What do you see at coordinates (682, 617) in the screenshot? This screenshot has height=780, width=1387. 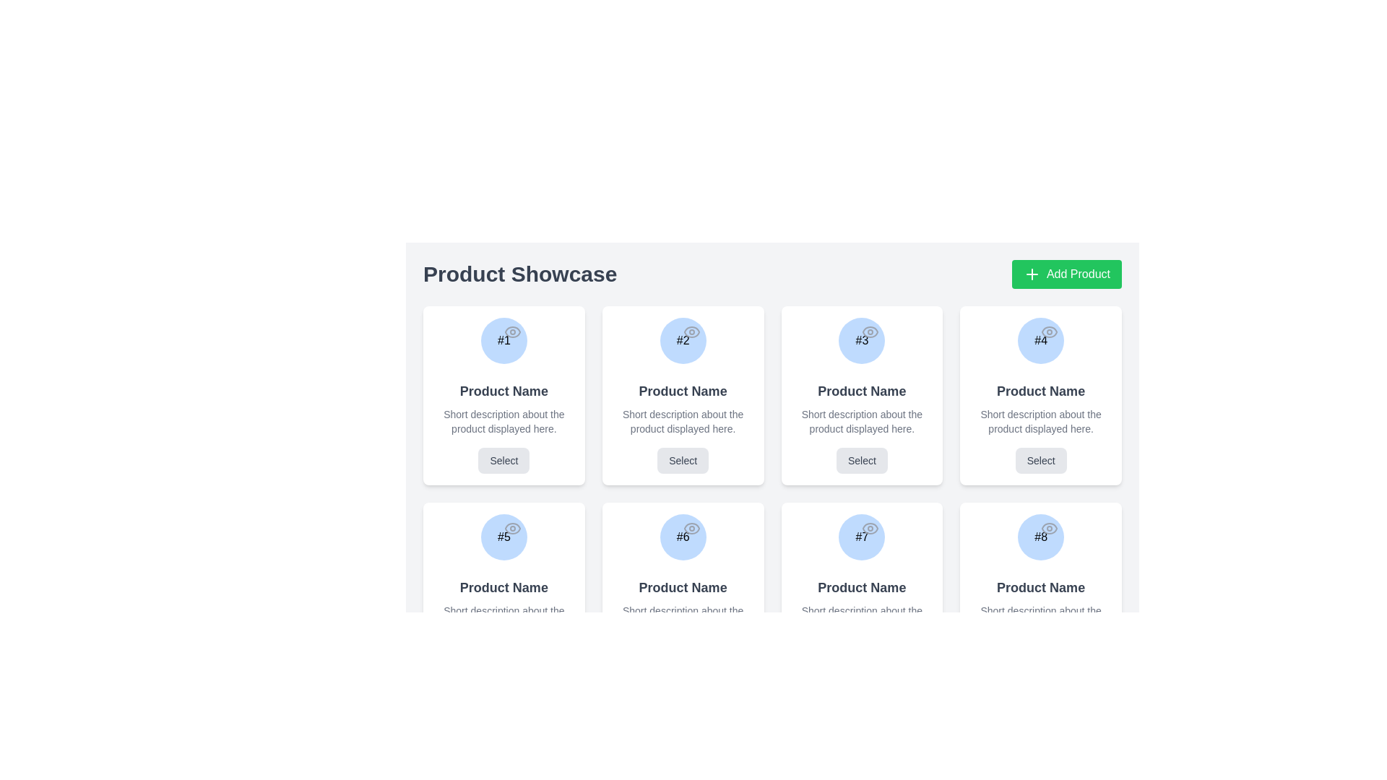 I see `text component displaying the phrase 'Short description about the product displayed here.' located beneath the 'Product Name' text in the product card` at bounding box center [682, 617].